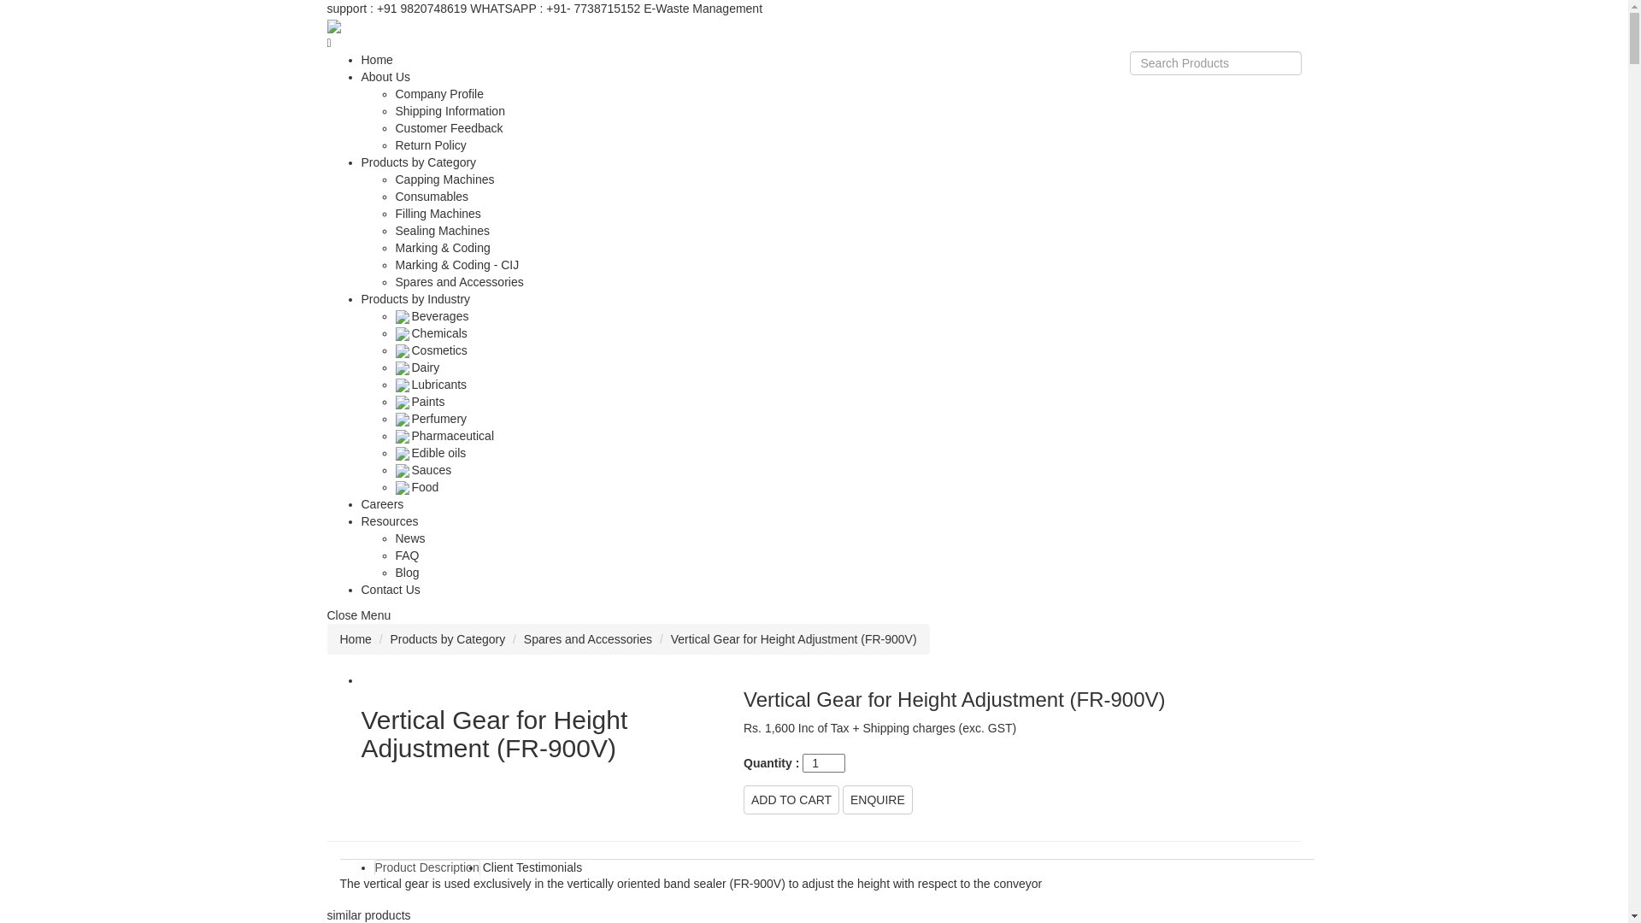  Describe the element at coordinates (393, 247) in the screenshot. I see `'Marking & Coding'` at that location.